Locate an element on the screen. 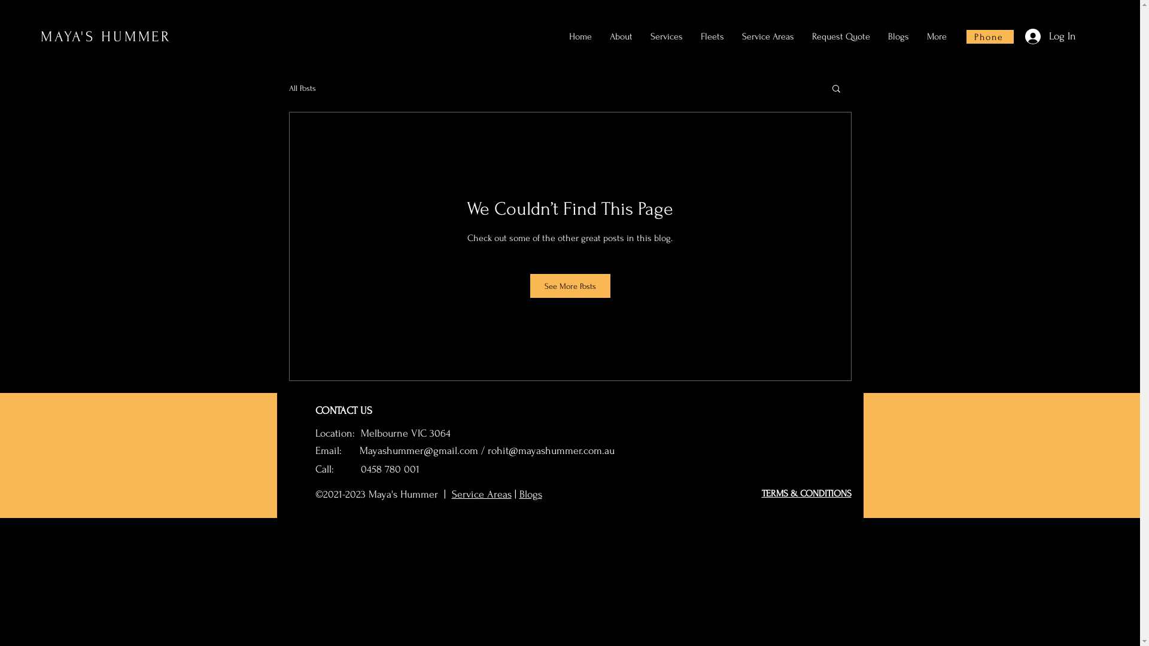 Image resolution: width=1149 pixels, height=646 pixels. 'Home' is located at coordinates (580, 36).